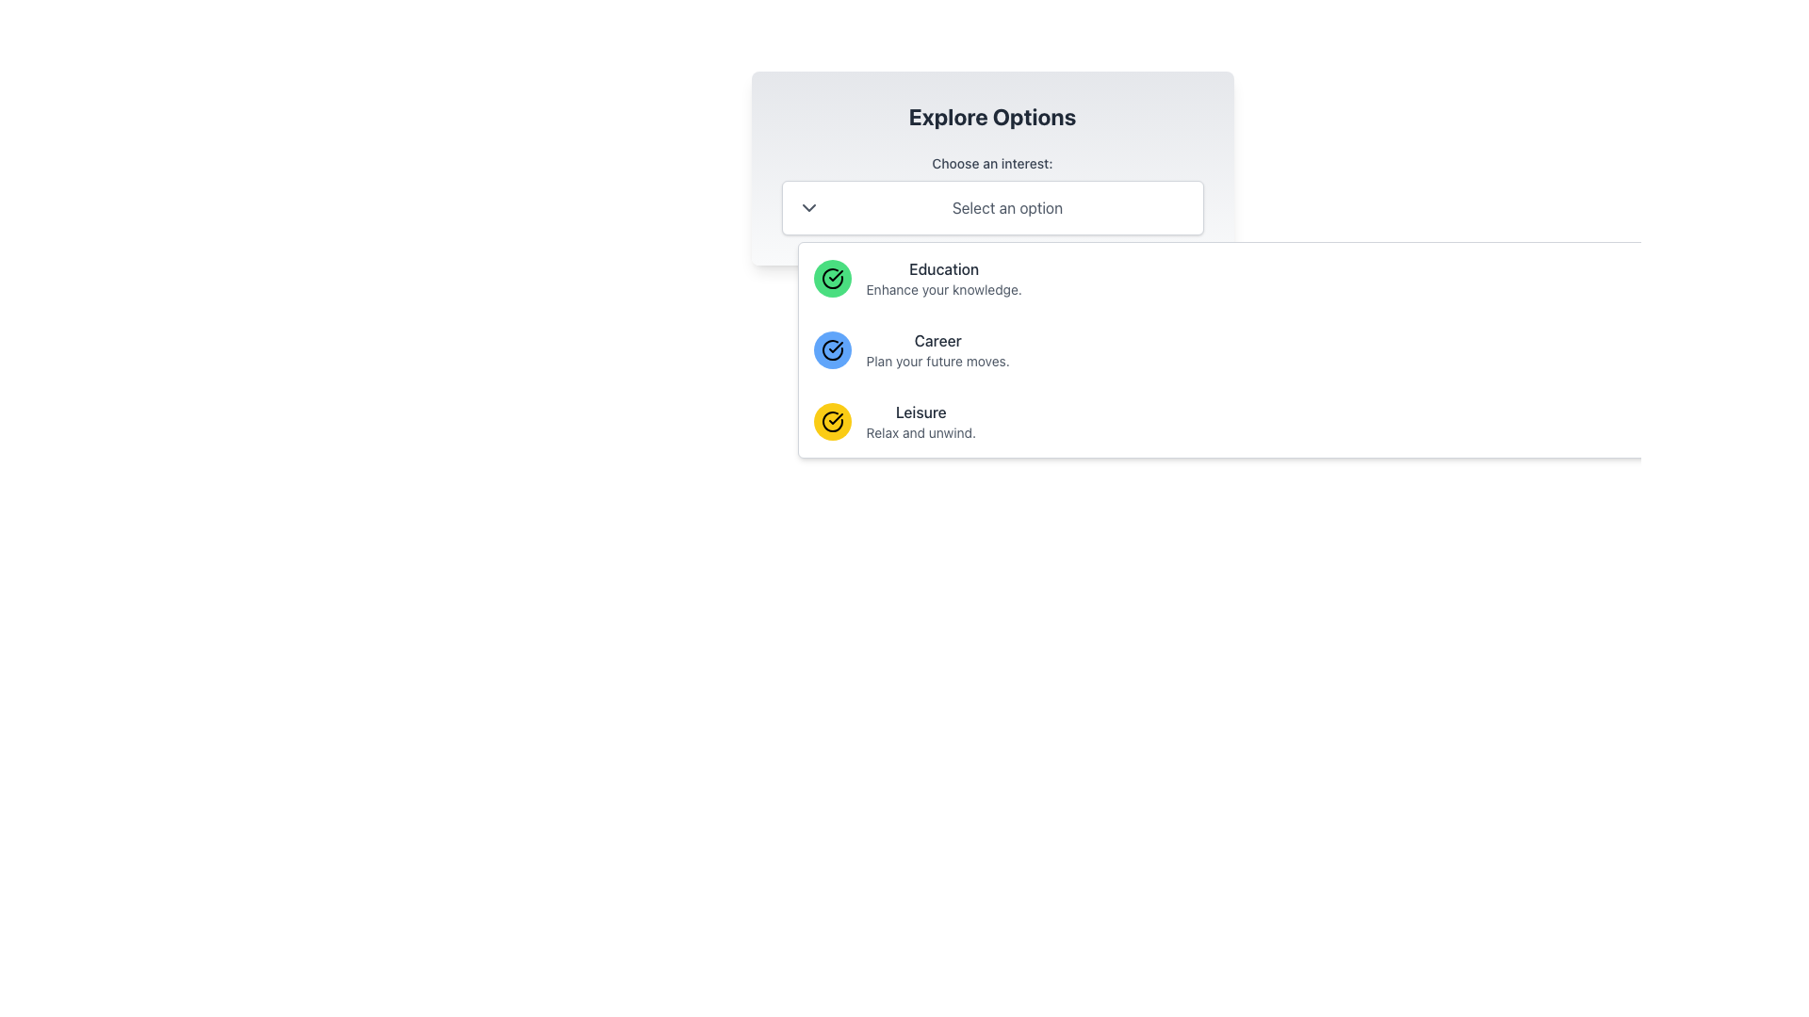  I want to click on the checkmark icon within the circular frame, which represents completion or selection, located in the top-left corner of the first option in the dropdown list, so click(835, 417).